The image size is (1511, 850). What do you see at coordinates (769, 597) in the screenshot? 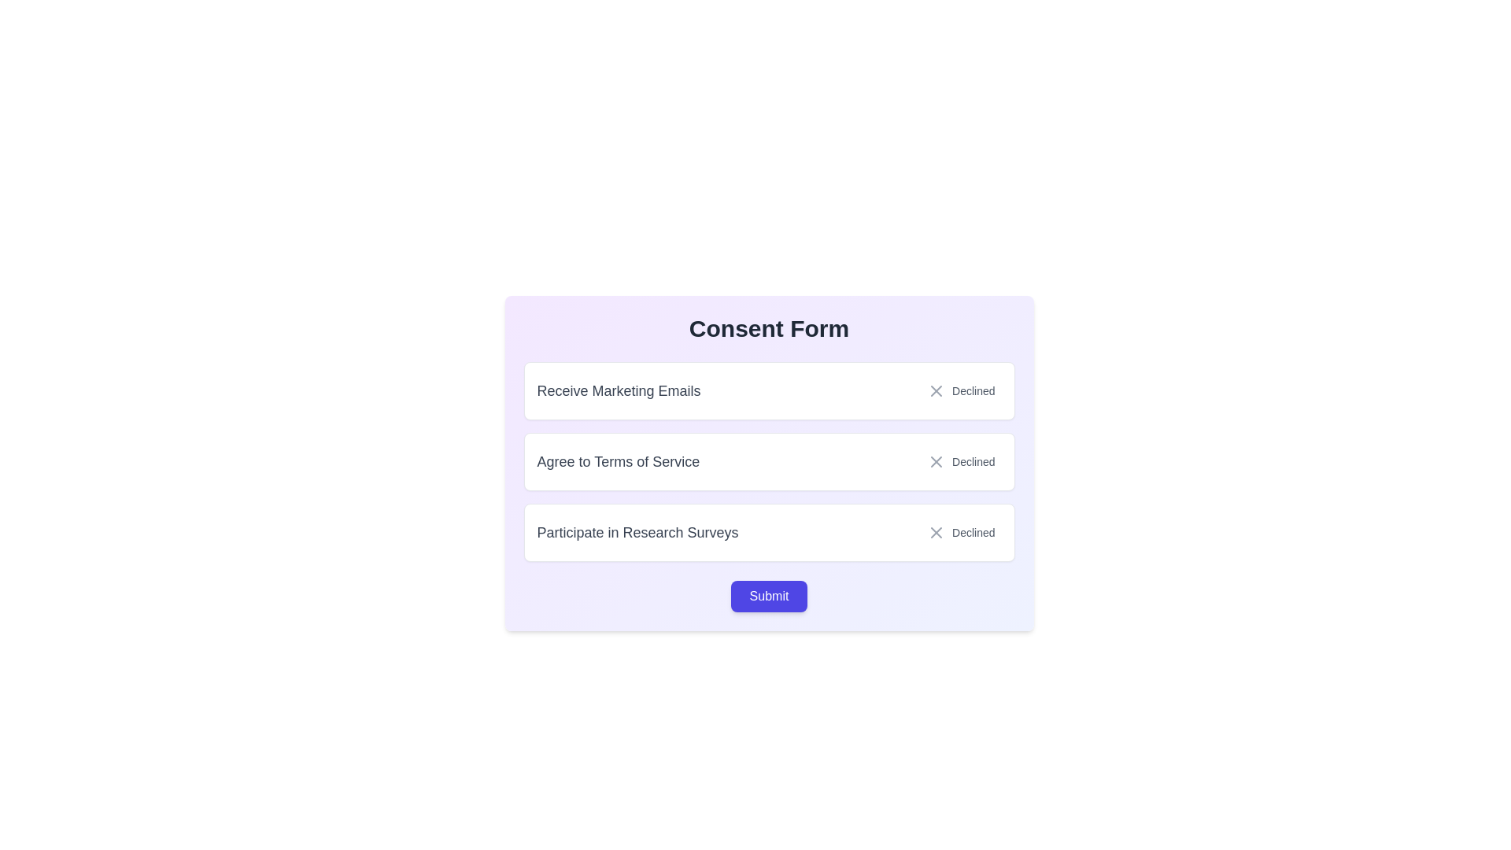
I see `the rectangular 'Submit' button with a purple background to change its background color` at bounding box center [769, 597].